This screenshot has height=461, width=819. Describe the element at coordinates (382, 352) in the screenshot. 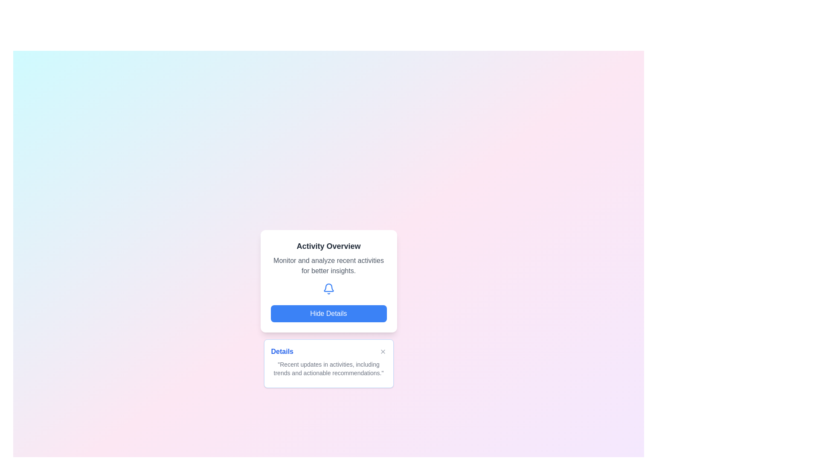

I see `the close button ('X') located in the top-right corner of the 'Details' section to observe the hover effect` at that location.